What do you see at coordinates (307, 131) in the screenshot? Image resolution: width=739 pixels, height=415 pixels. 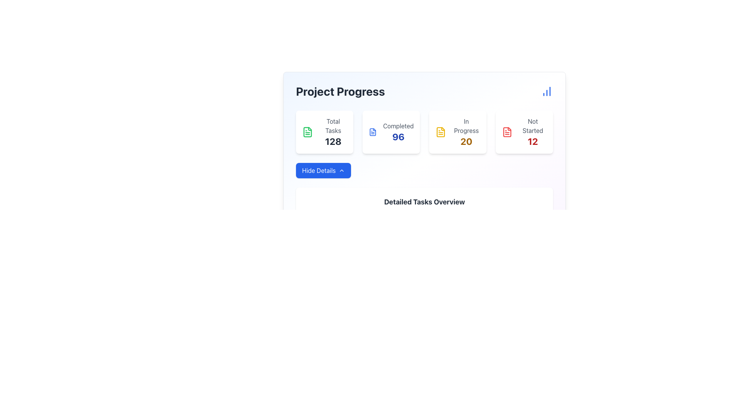 I see `the green file document icon located in the leftmost box under 'Total Tasks' on the 'Project Progress' dashboard` at bounding box center [307, 131].